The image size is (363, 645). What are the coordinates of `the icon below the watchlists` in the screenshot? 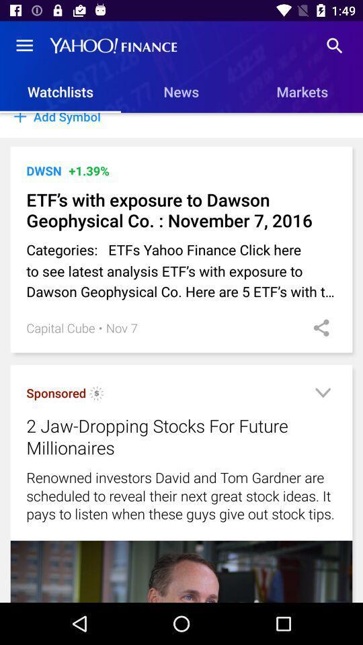 It's located at (182, 125).